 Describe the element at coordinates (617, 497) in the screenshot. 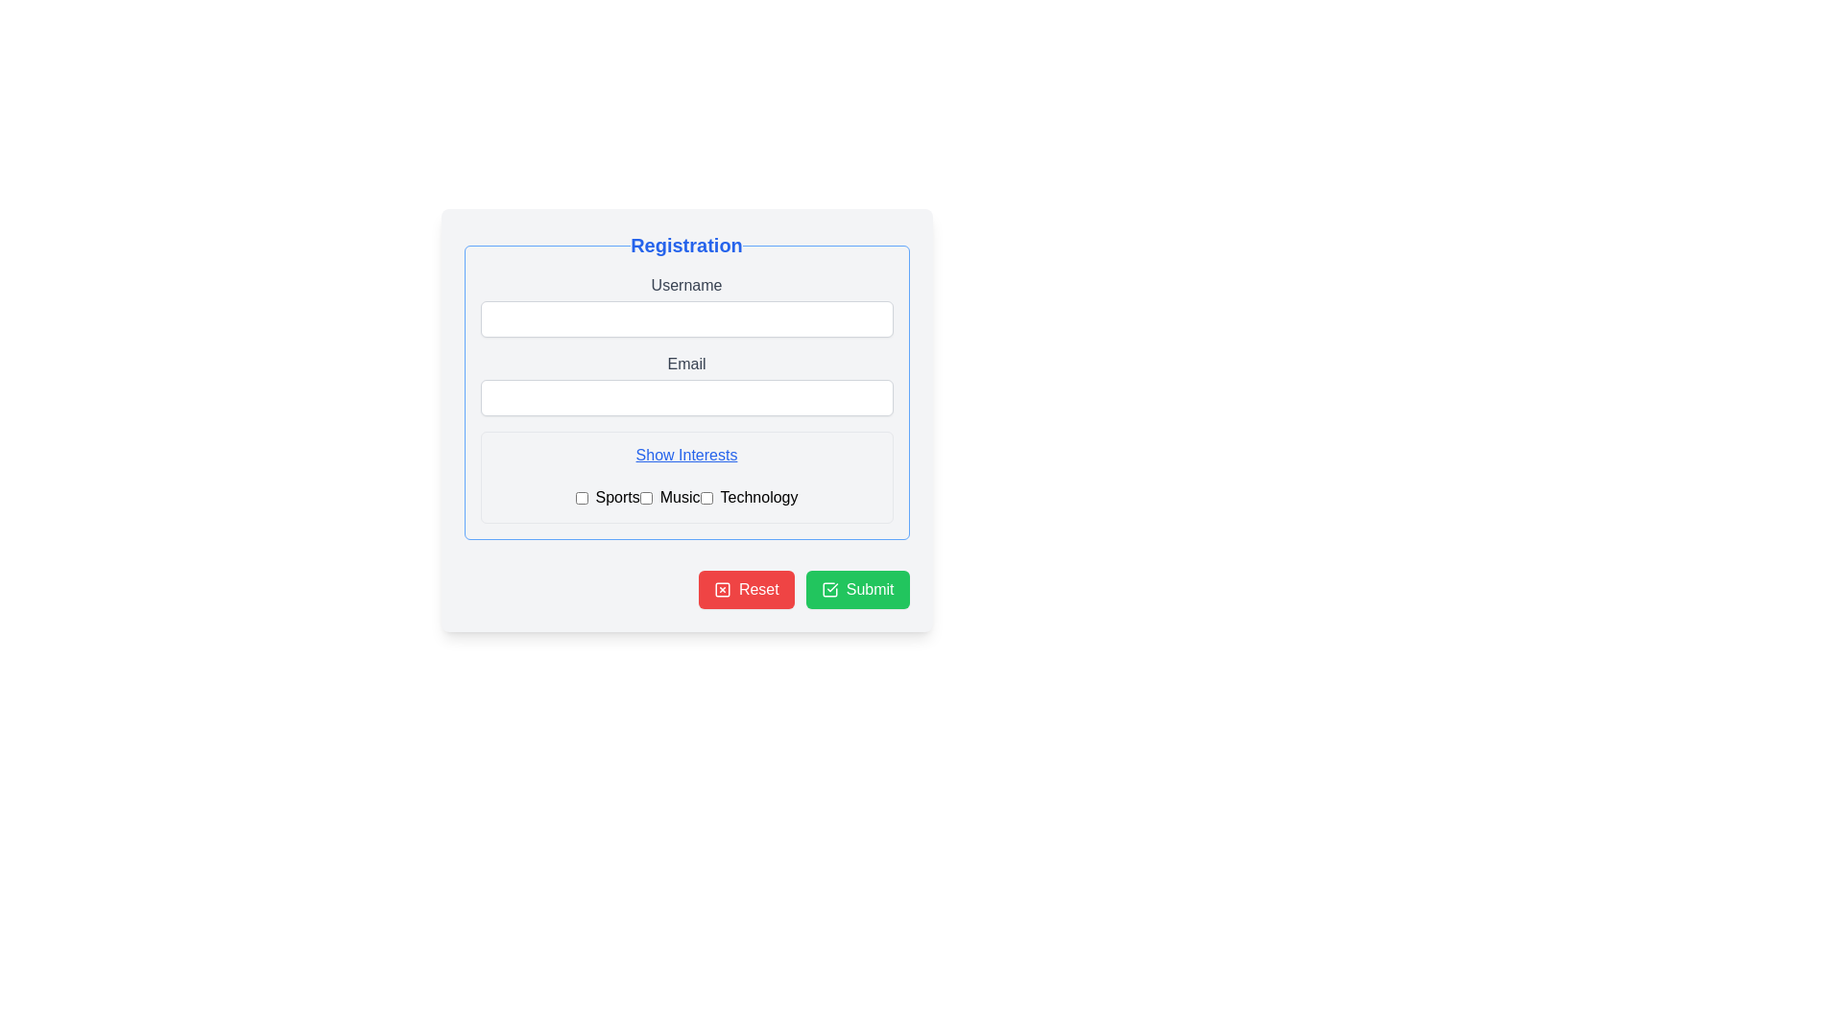

I see `label text 'Sports' which is a black sans-serif label positioned to the right of the first checkbox in the registration form` at that location.